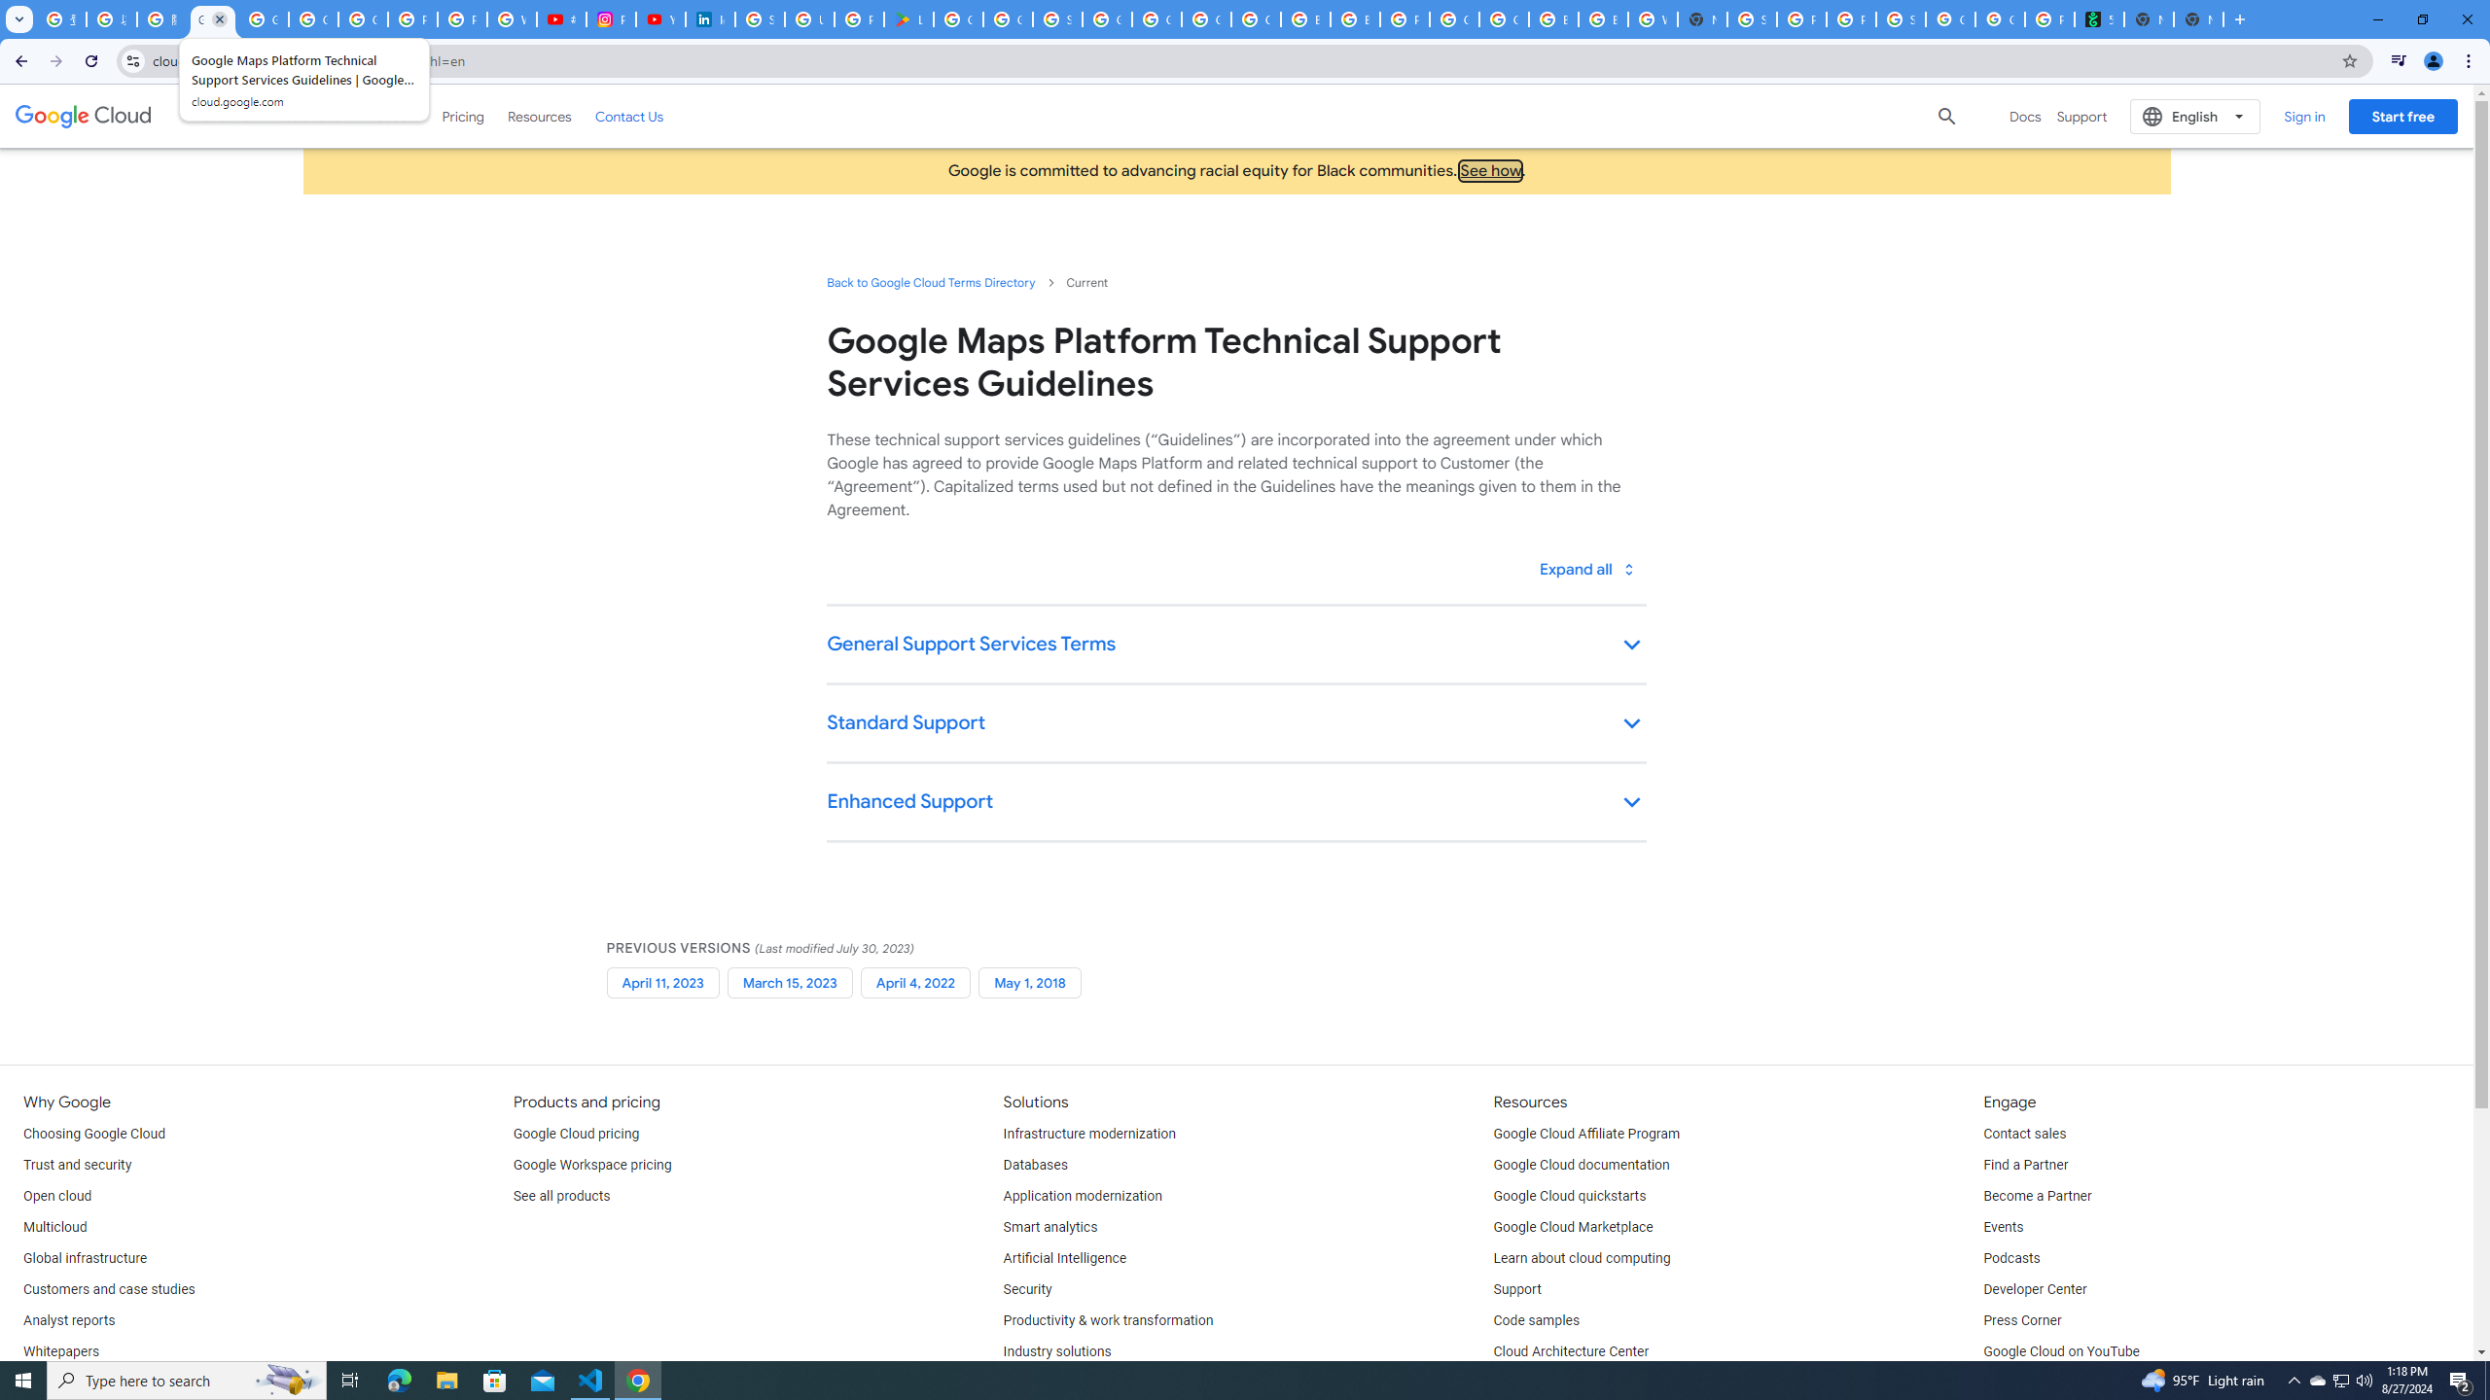 The image size is (2490, 1400). Describe the element at coordinates (2402, 115) in the screenshot. I see `'Start free'` at that location.